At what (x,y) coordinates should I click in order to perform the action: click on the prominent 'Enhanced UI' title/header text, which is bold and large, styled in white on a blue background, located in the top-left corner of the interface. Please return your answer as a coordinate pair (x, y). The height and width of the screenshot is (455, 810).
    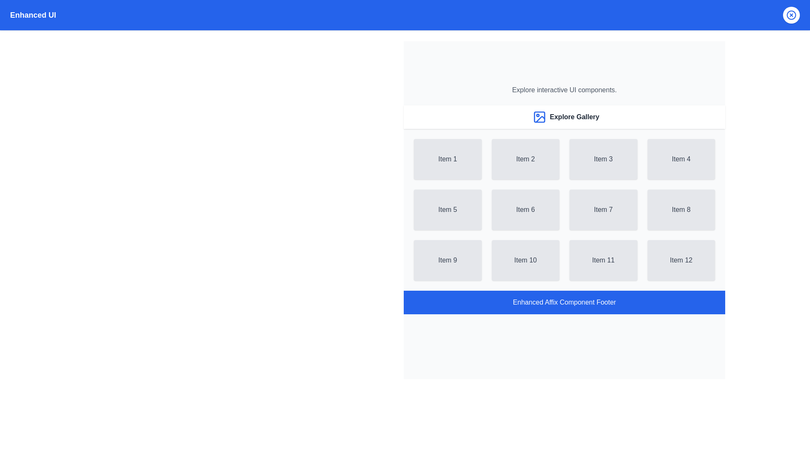
    Looking at the image, I should click on (33, 15).